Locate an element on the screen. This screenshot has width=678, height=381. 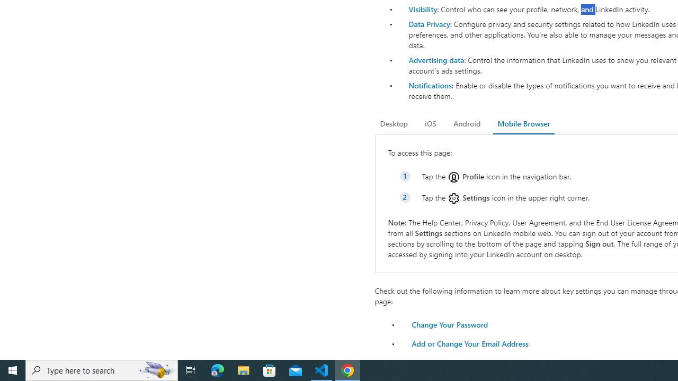
'Desktop' is located at coordinates (394, 123).